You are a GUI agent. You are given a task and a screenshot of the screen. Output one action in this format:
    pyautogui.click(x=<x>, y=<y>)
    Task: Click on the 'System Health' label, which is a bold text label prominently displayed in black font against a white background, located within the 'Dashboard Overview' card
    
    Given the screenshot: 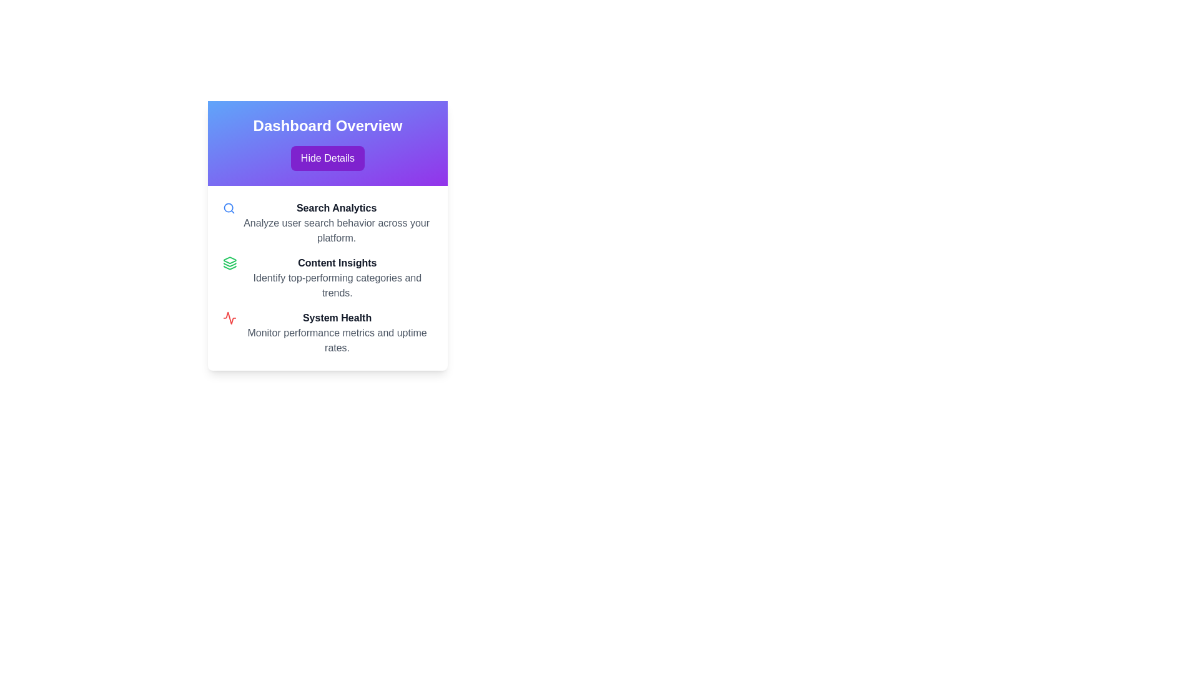 What is the action you would take?
    pyautogui.click(x=337, y=317)
    